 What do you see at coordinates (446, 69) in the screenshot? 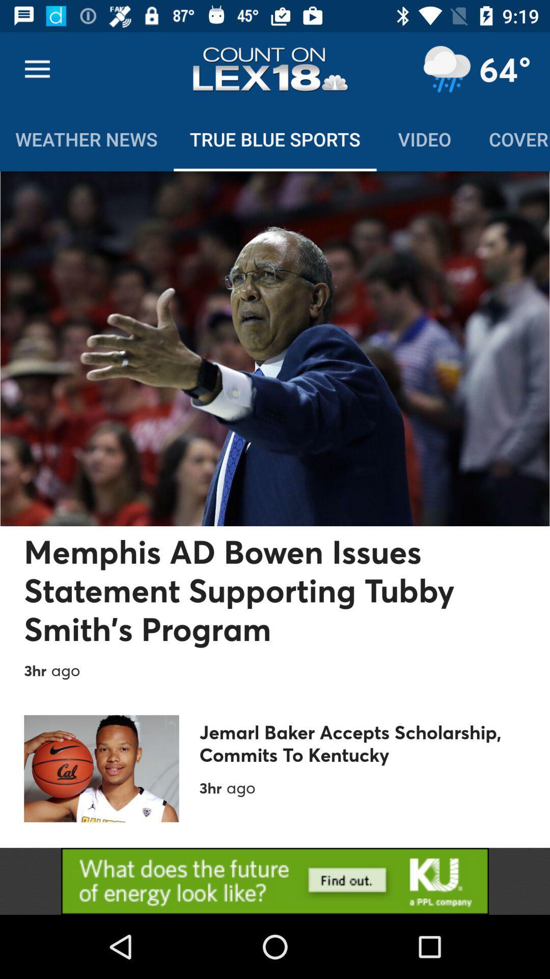
I see `weather` at bounding box center [446, 69].